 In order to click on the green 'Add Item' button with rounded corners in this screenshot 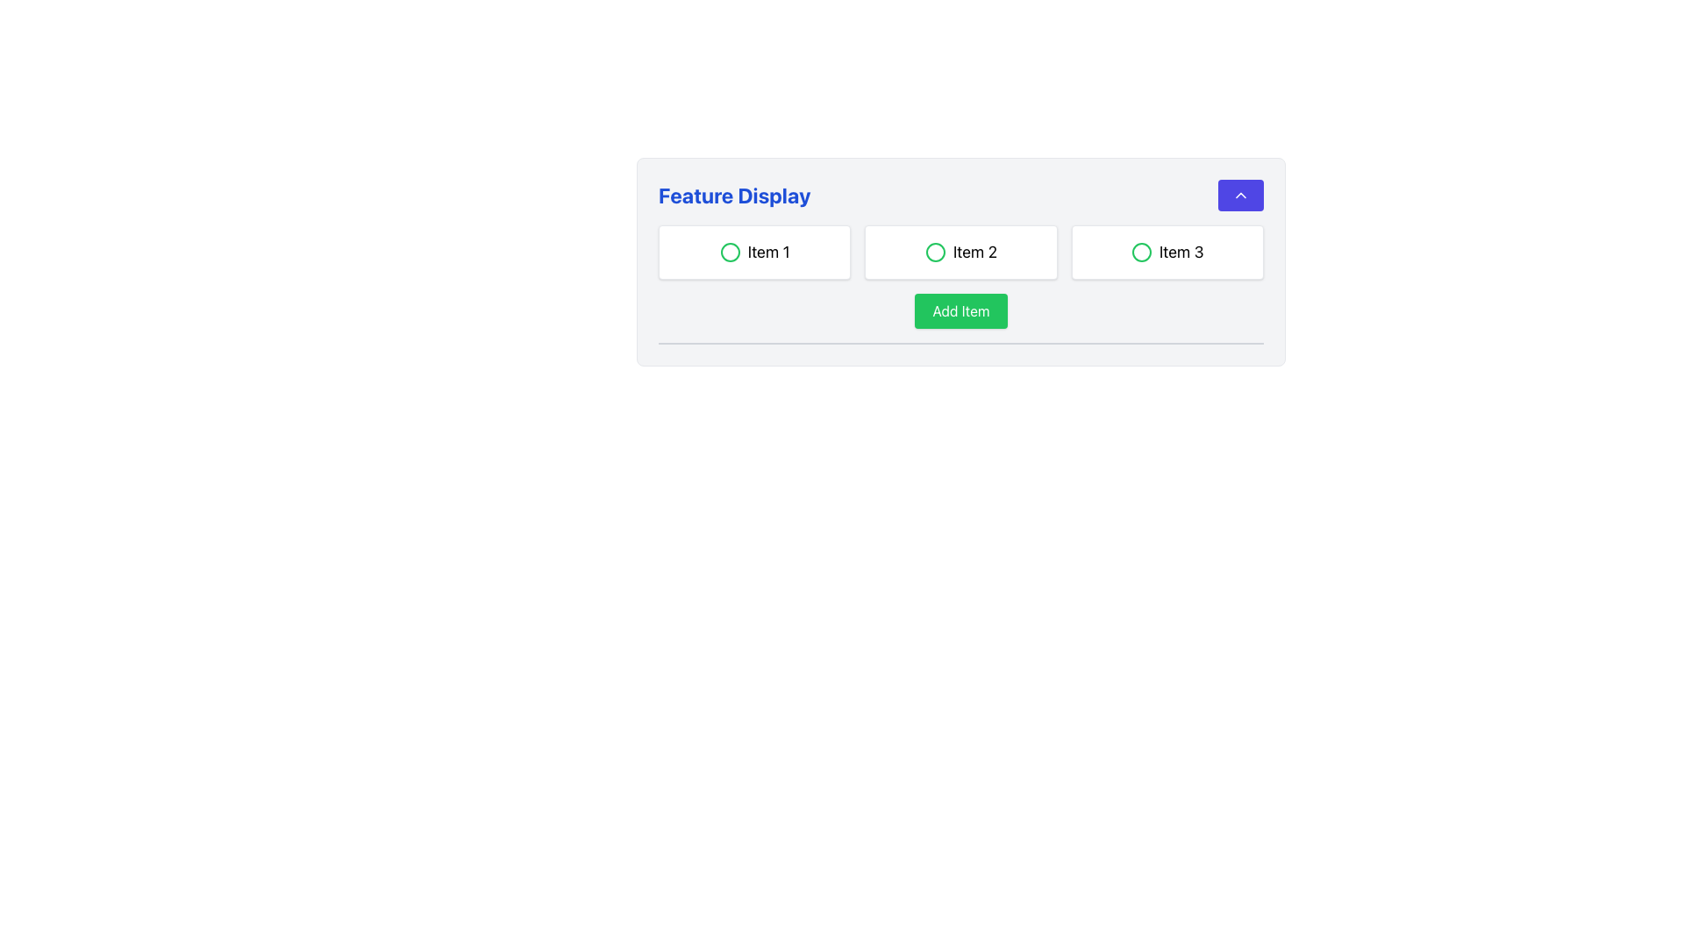, I will do `click(960, 310)`.